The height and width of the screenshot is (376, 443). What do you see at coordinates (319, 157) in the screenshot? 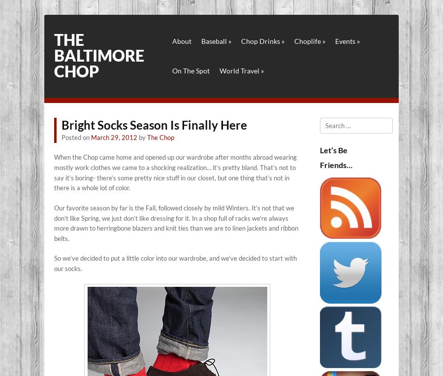
I see `'Let’s Be Friends…'` at bounding box center [319, 157].